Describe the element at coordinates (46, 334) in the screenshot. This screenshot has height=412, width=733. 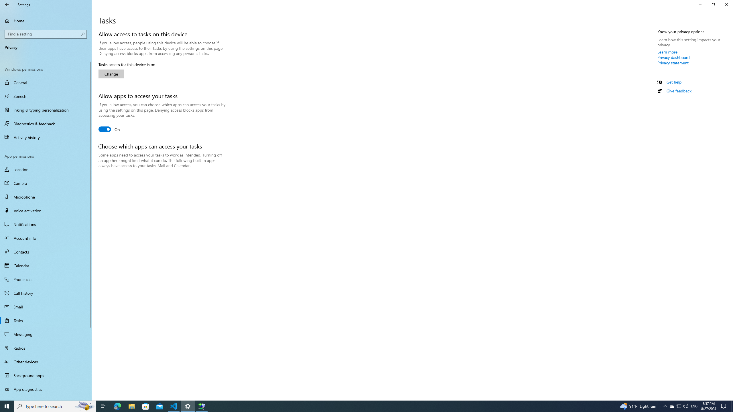
I see `'Messaging'` at that location.